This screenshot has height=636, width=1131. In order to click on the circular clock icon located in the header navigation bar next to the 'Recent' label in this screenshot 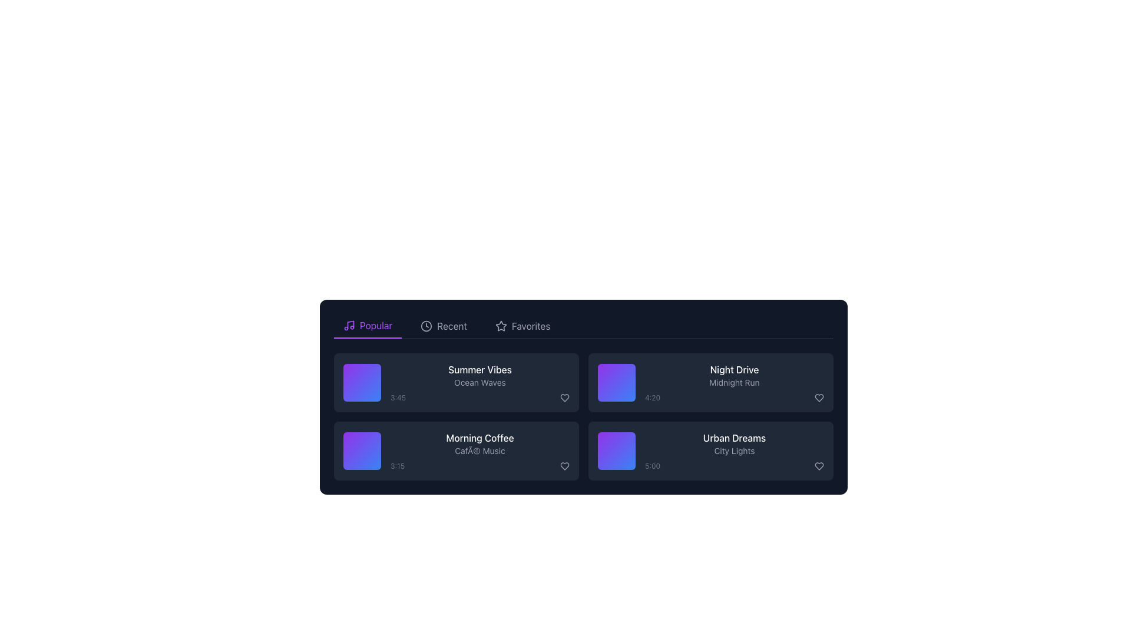, I will do `click(426, 326)`.